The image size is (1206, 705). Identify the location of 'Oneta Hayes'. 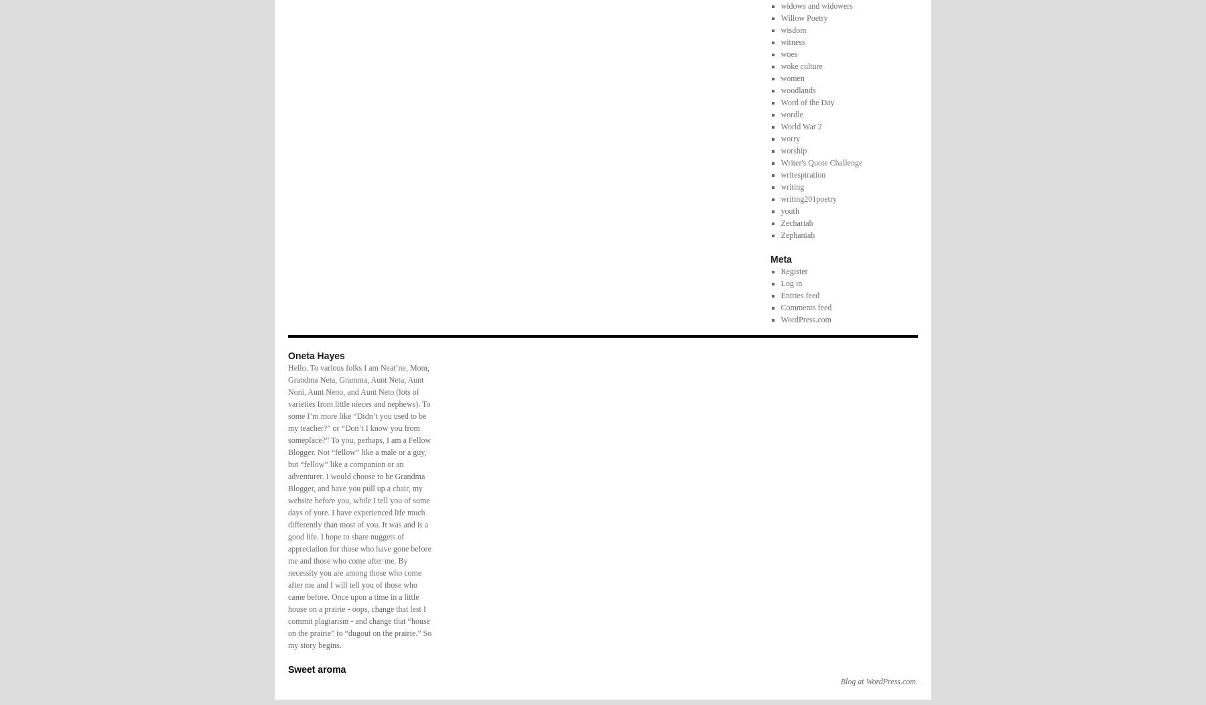
(315, 355).